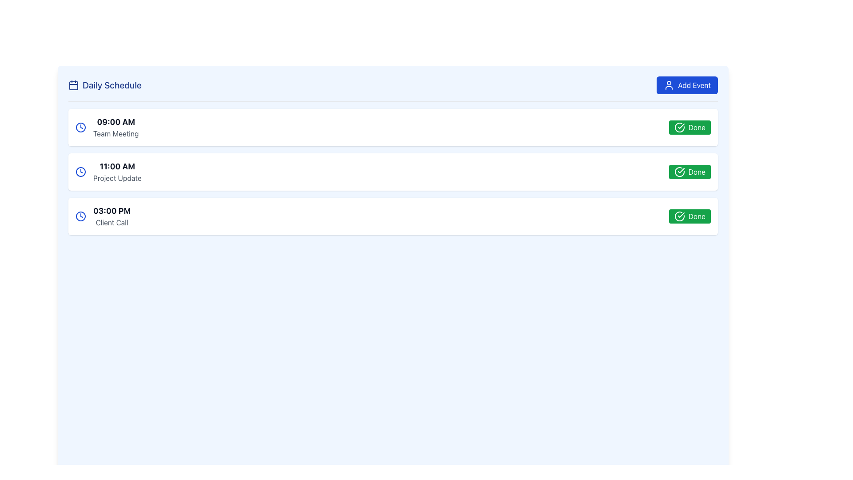 Image resolution: width=853 pixels, height=480 pixels. Describe the element at coordinates (669, 85) in the screenshot. I see `the 'Add Event' button, which is located in the upper-right corner of the interface` at that location.